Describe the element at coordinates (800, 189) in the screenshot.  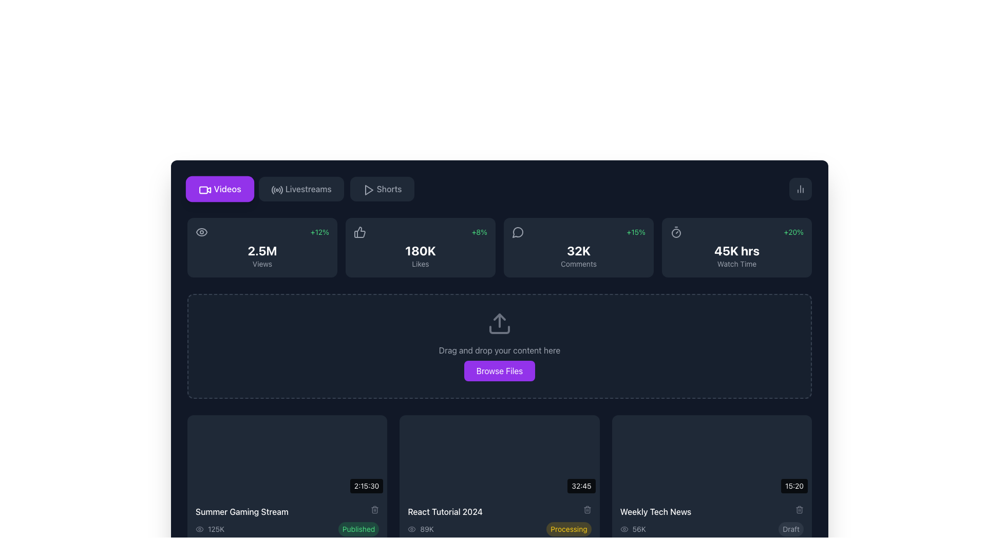
I see `the button with a bar chart icon located at the top-right corner of the section containing 'Videos', 'Livestreams', and 'Shorts' options` at that location.